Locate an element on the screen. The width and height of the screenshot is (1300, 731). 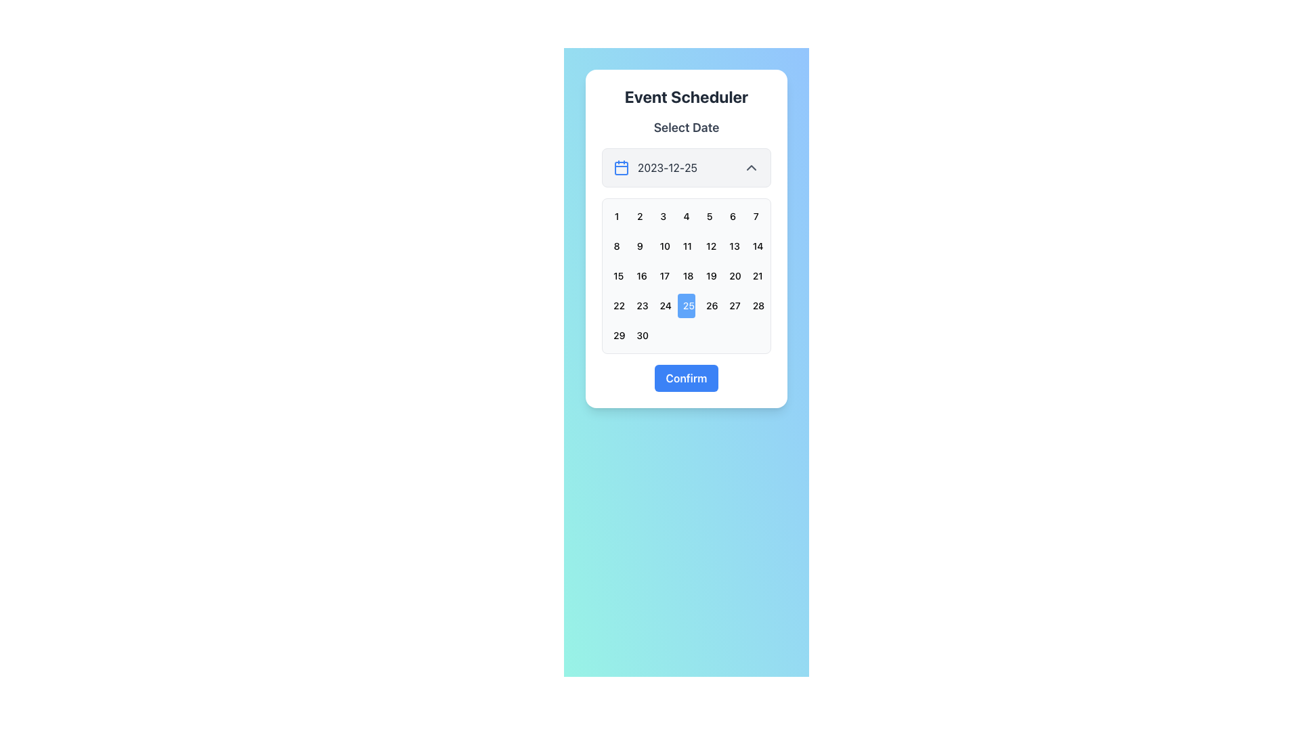
the small square button with a rounded border containing the number '6' is located at coordinates (732, 216).